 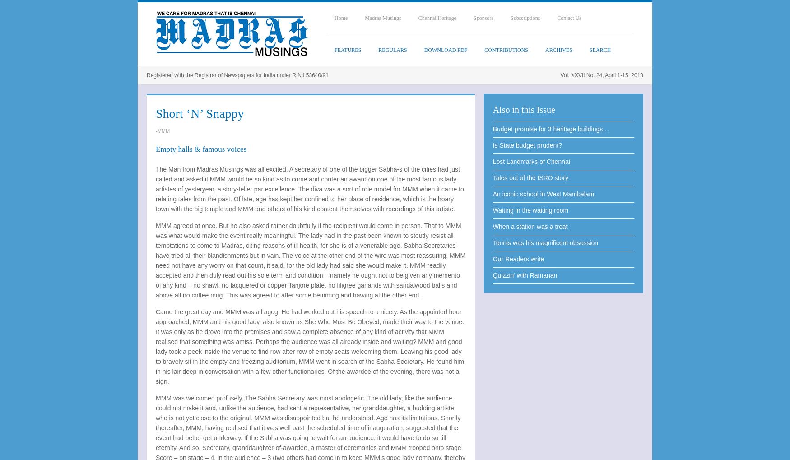 I want to click on 'Our Readers write', so click(x=518, y=259).